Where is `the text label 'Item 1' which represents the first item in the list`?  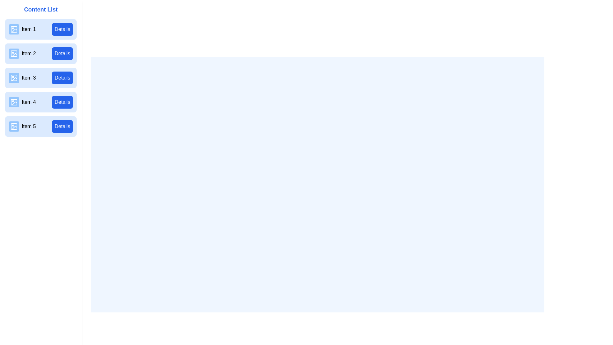 the text label 'Item 1' which represents the first item in the list is located at coordinates (28, 29).